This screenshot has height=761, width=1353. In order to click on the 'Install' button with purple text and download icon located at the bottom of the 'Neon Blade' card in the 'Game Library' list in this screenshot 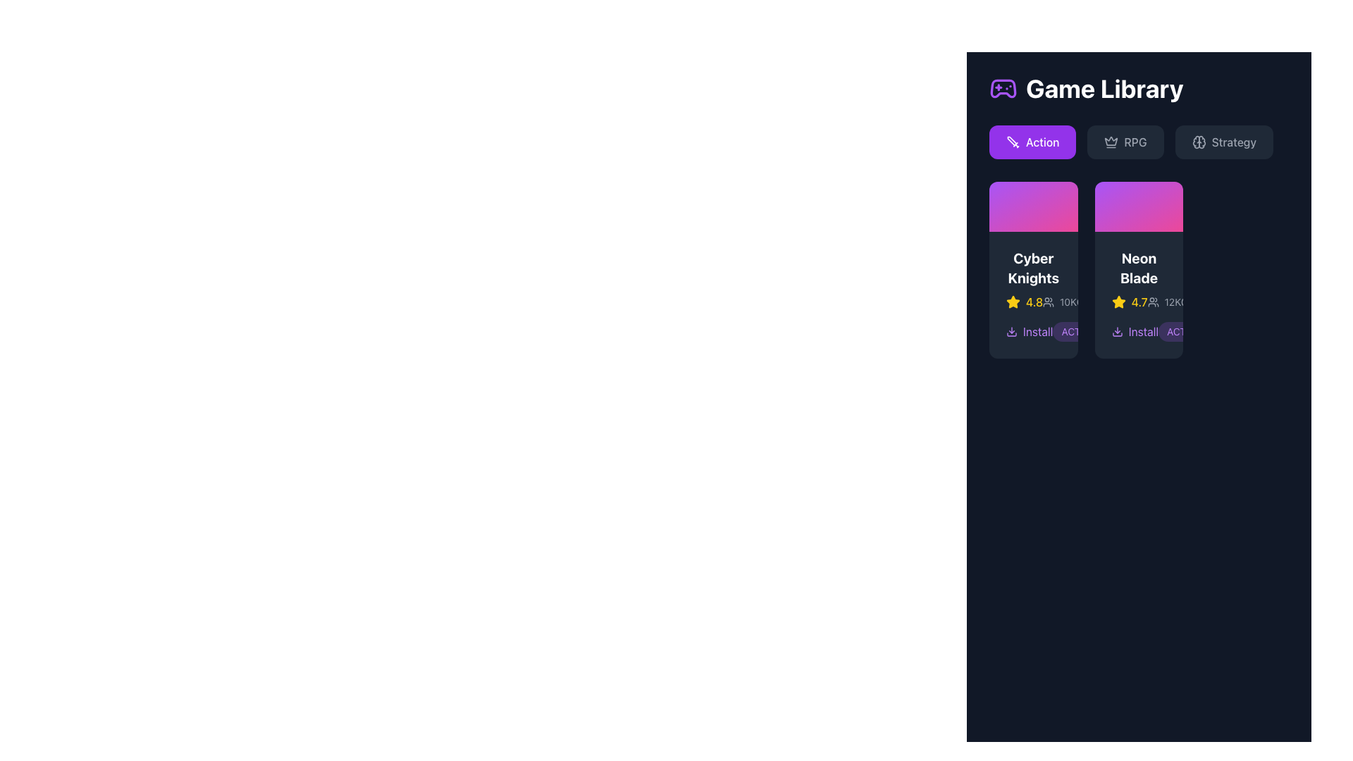, I will do `click(1139, 331)`.